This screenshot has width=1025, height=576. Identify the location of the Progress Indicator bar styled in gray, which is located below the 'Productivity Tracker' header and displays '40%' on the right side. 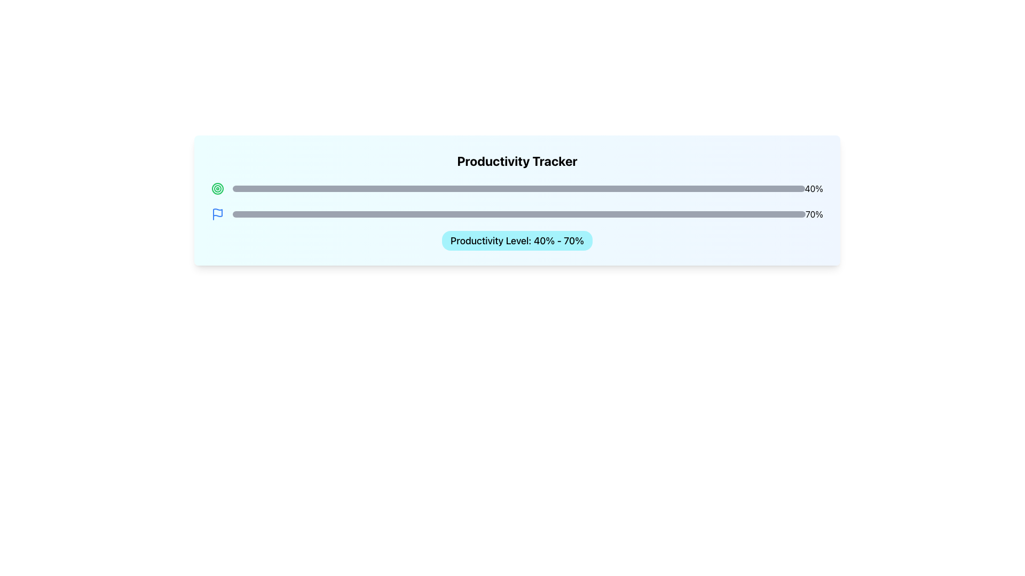
(517, 188).